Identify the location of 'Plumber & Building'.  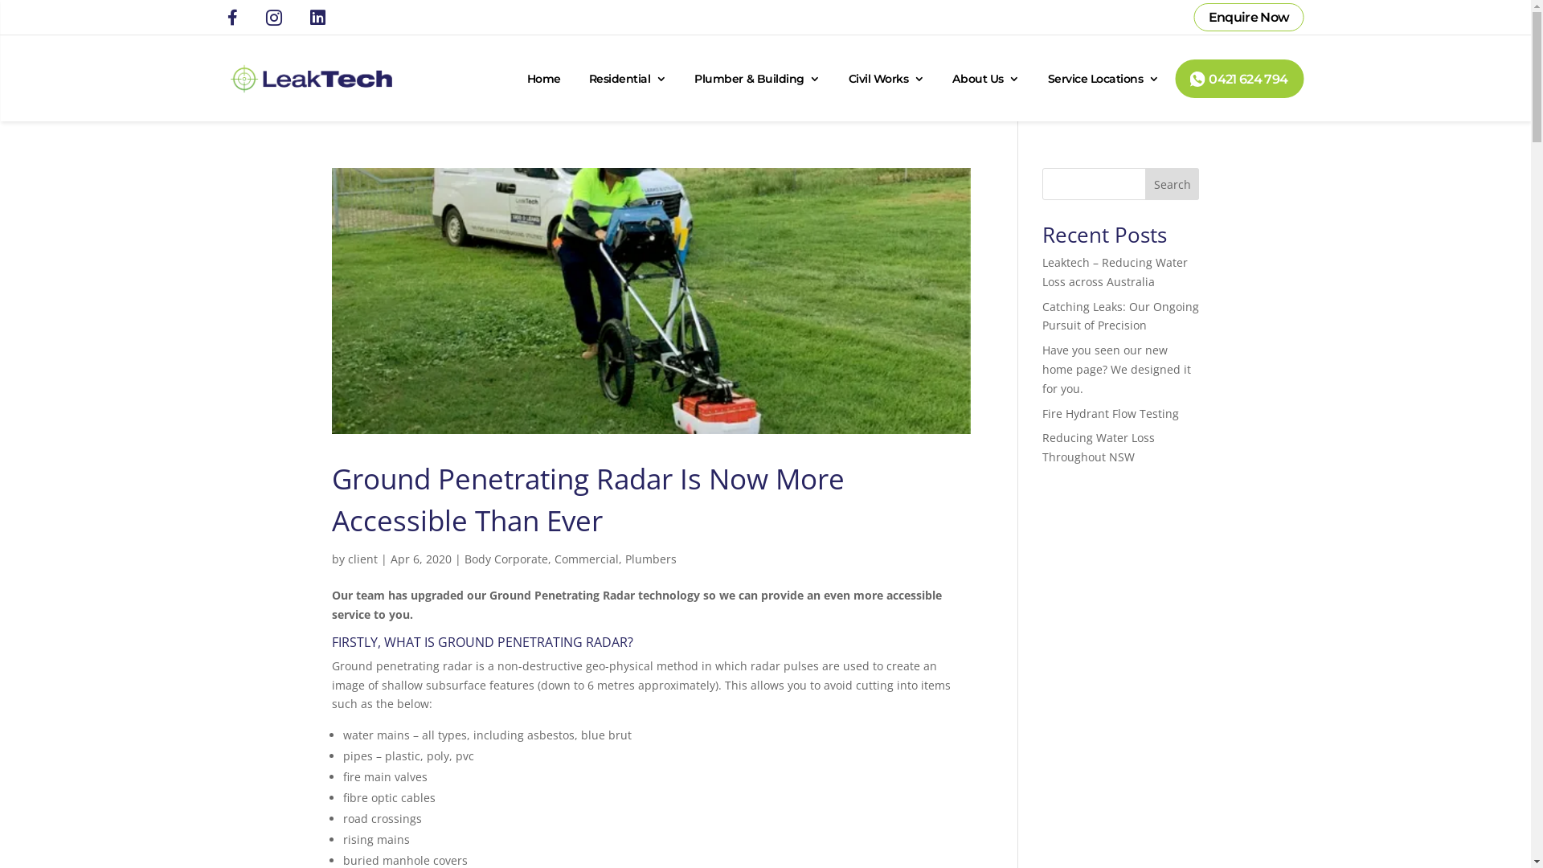
(694, 78).